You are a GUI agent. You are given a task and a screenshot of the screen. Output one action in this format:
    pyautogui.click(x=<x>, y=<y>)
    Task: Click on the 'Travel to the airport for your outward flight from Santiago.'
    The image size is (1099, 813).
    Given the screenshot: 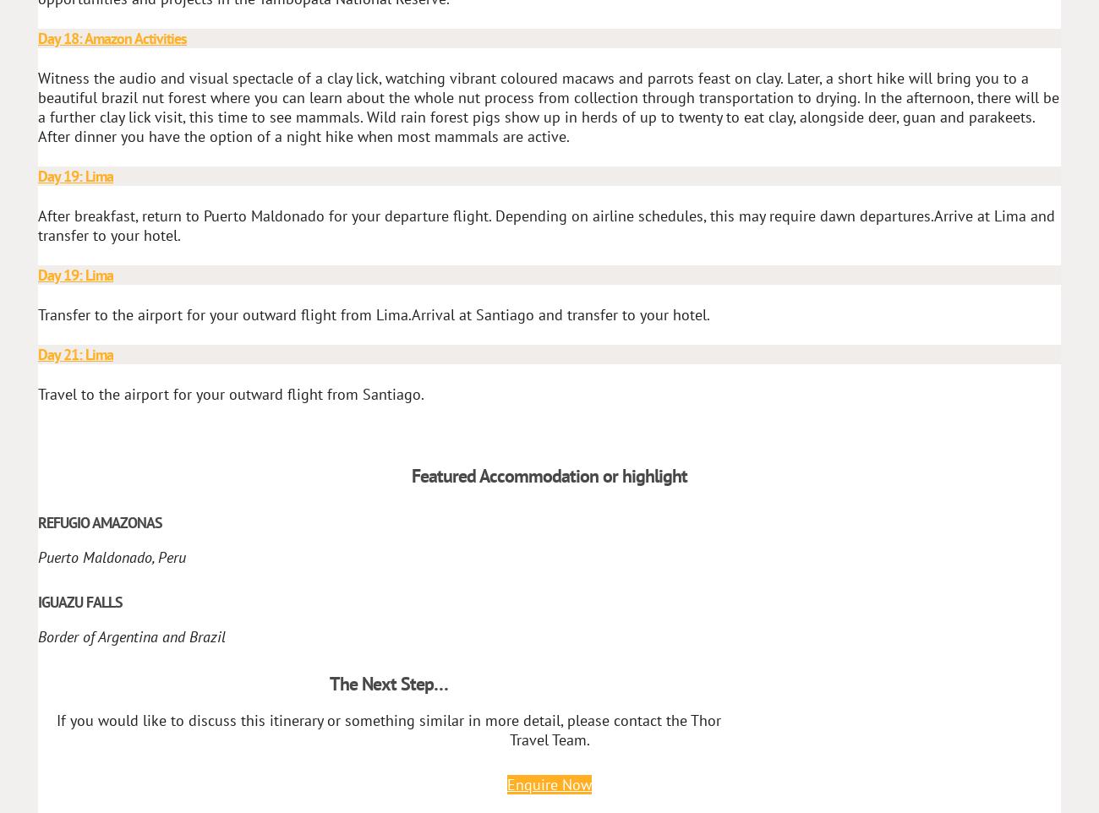 What is the action you would take?
    pyautogui.click(x=231, y=393)
    